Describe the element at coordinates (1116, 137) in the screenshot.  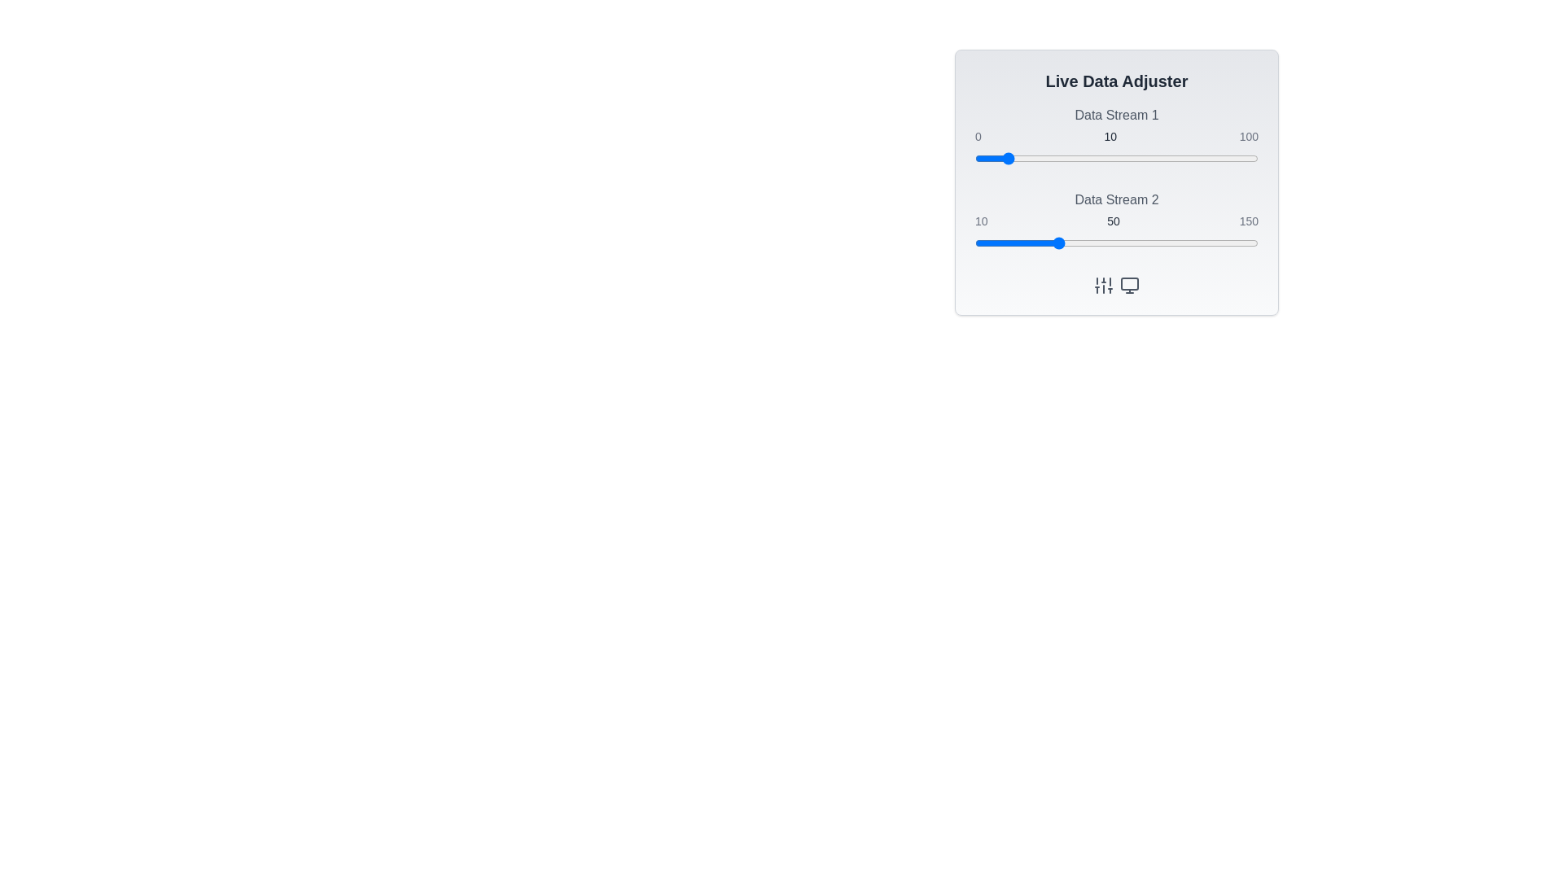
I see `the slider in the 'Data Stream 1' section` at that location.